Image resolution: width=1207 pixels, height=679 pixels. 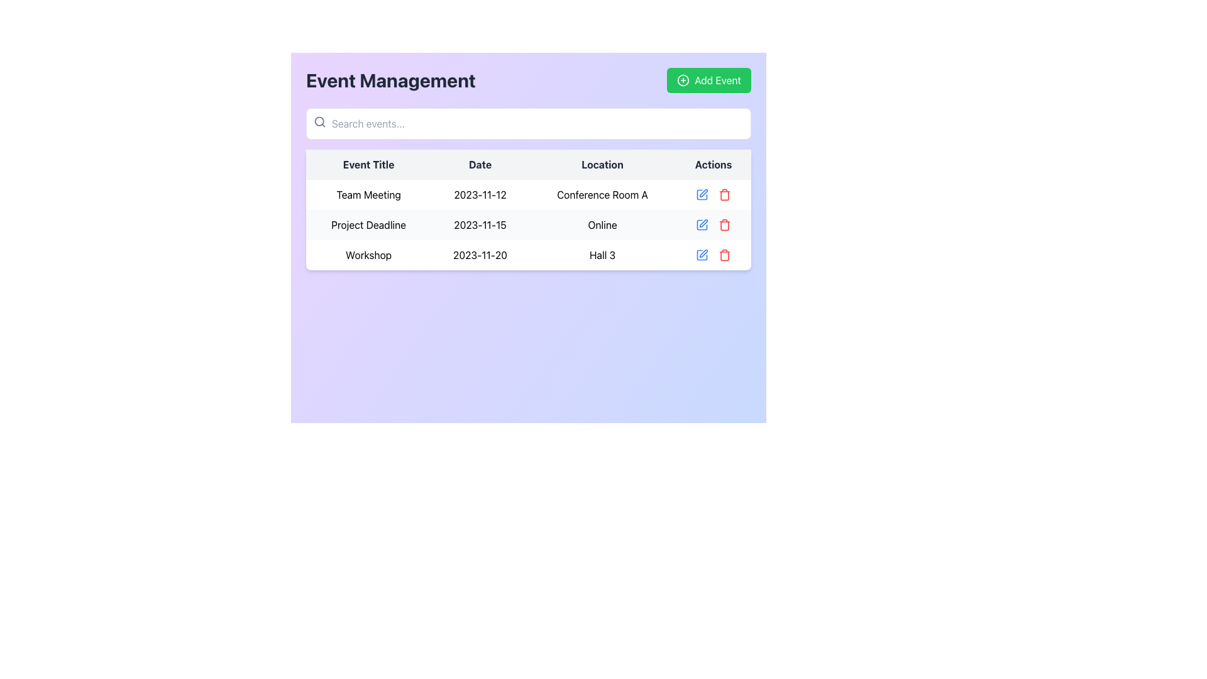 What do you see at coordinates (528, 224) in the screenshot?
I see `the second table row containing 'Project Deadline', '2023-11-15', and 'Online'` at bounding box center [528, 224].